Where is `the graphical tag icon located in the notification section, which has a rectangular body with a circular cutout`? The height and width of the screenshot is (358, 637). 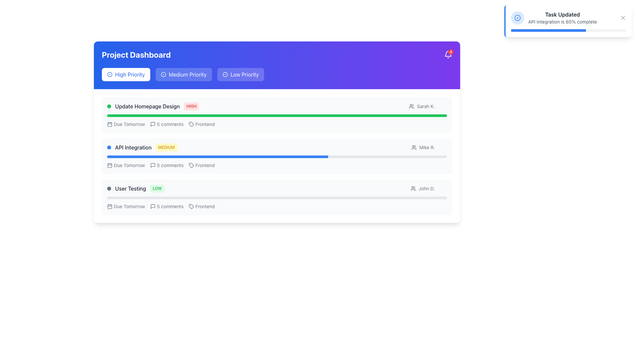 the graphical tag icon located in the notification section, which has a rectangular body with a circular cutout is located at coordinates (191, 206).